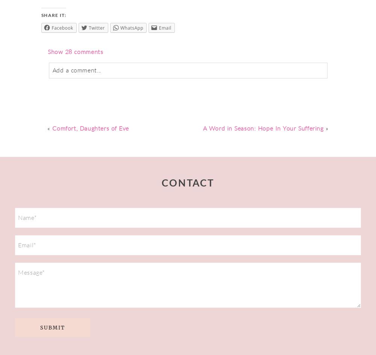 The width and height of the screenshot is (376, 355). I want to click on 'Error submitting form, please try again.', so click(187, 272).